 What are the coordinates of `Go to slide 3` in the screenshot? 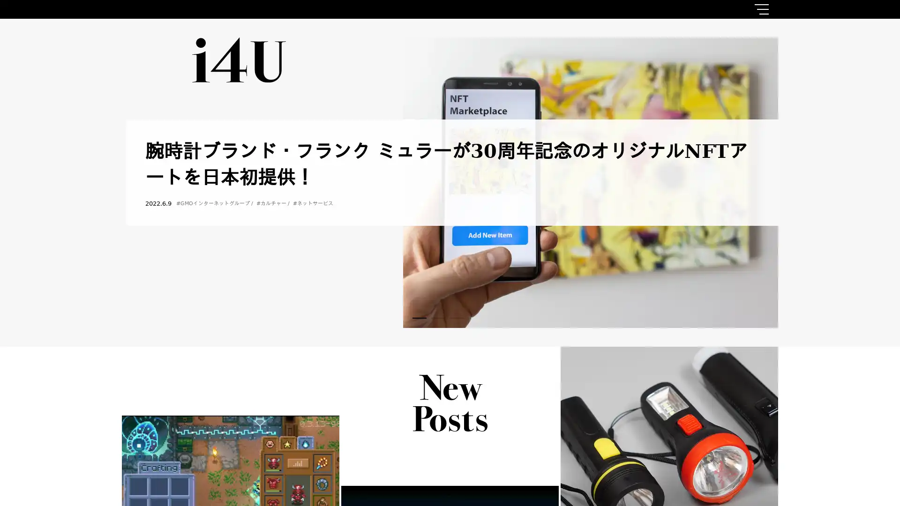 It's located at (457, 317).